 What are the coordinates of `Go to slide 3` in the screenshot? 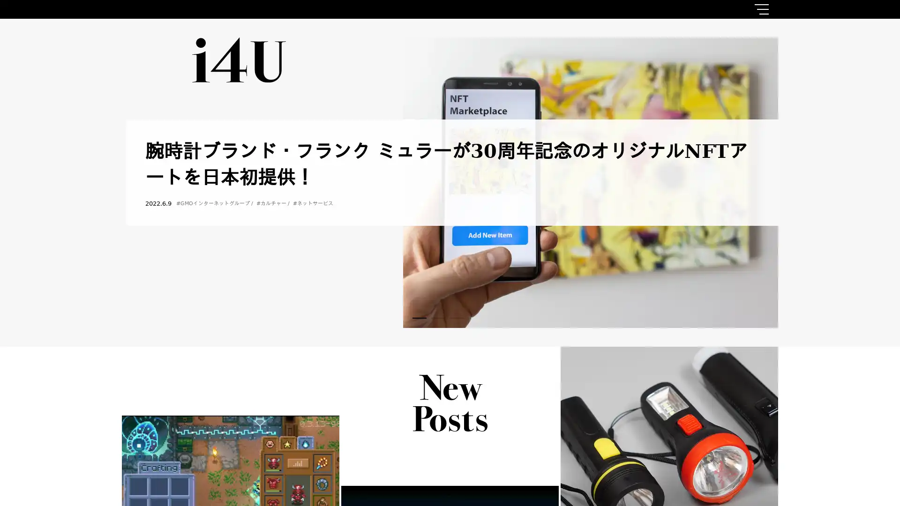 It's located at (457, 317).